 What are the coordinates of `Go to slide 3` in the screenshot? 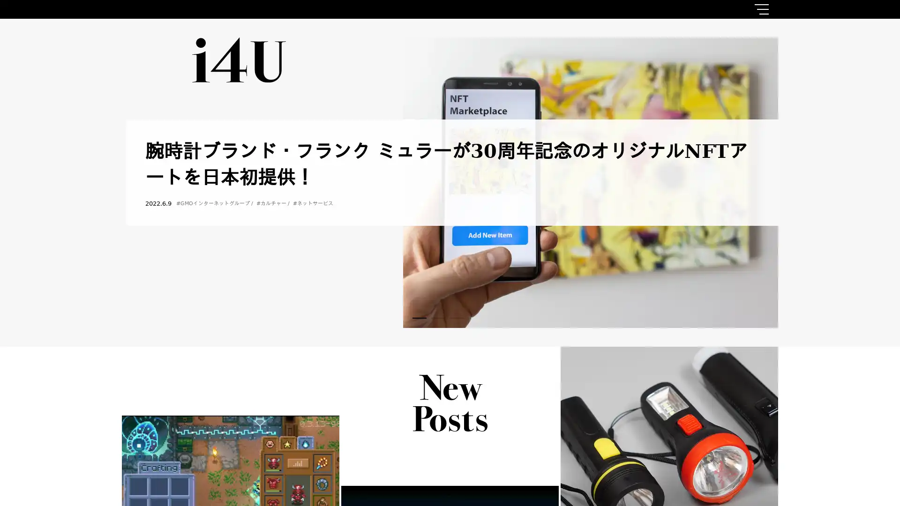 It's located at (457, 317).